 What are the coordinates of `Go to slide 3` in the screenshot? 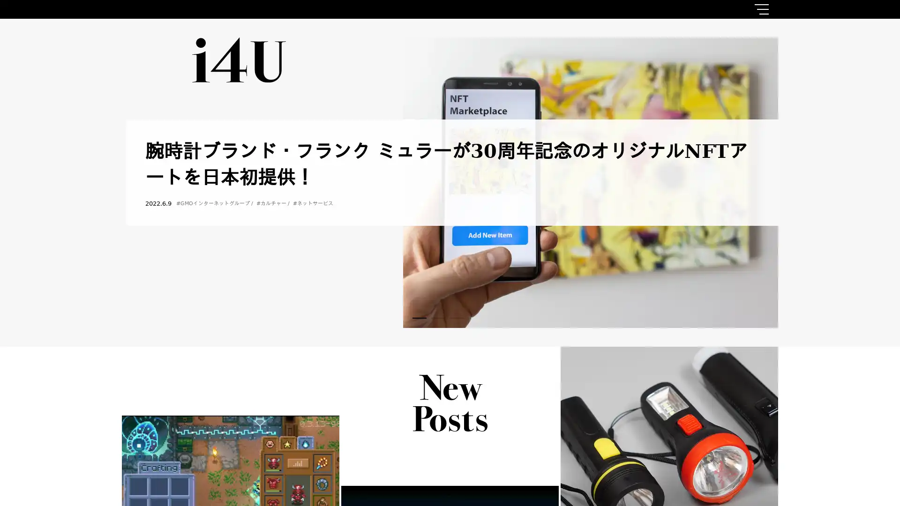 It's located at (457, 317).